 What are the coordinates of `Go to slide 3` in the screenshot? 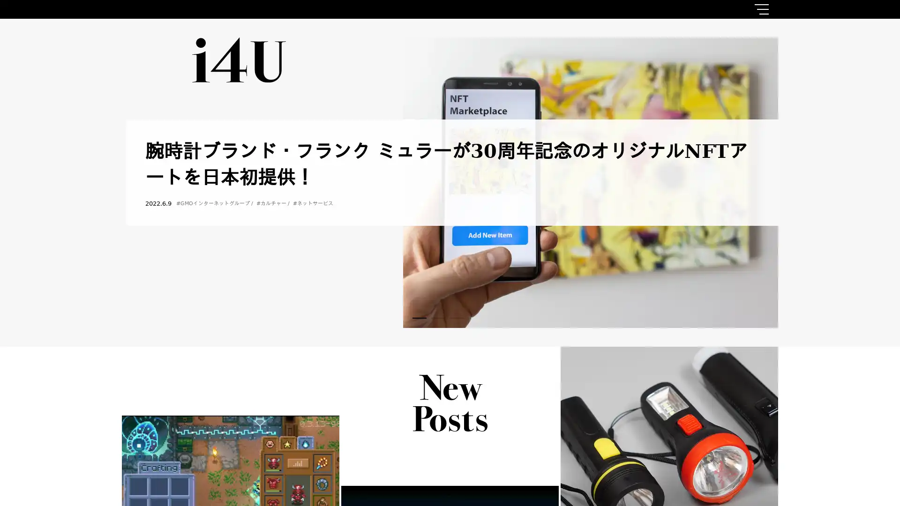 It's located at (457, 317).